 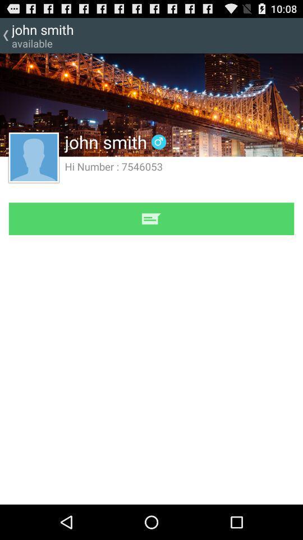 I want to click on icon to the right of john smith, so click(x=158, y=141).